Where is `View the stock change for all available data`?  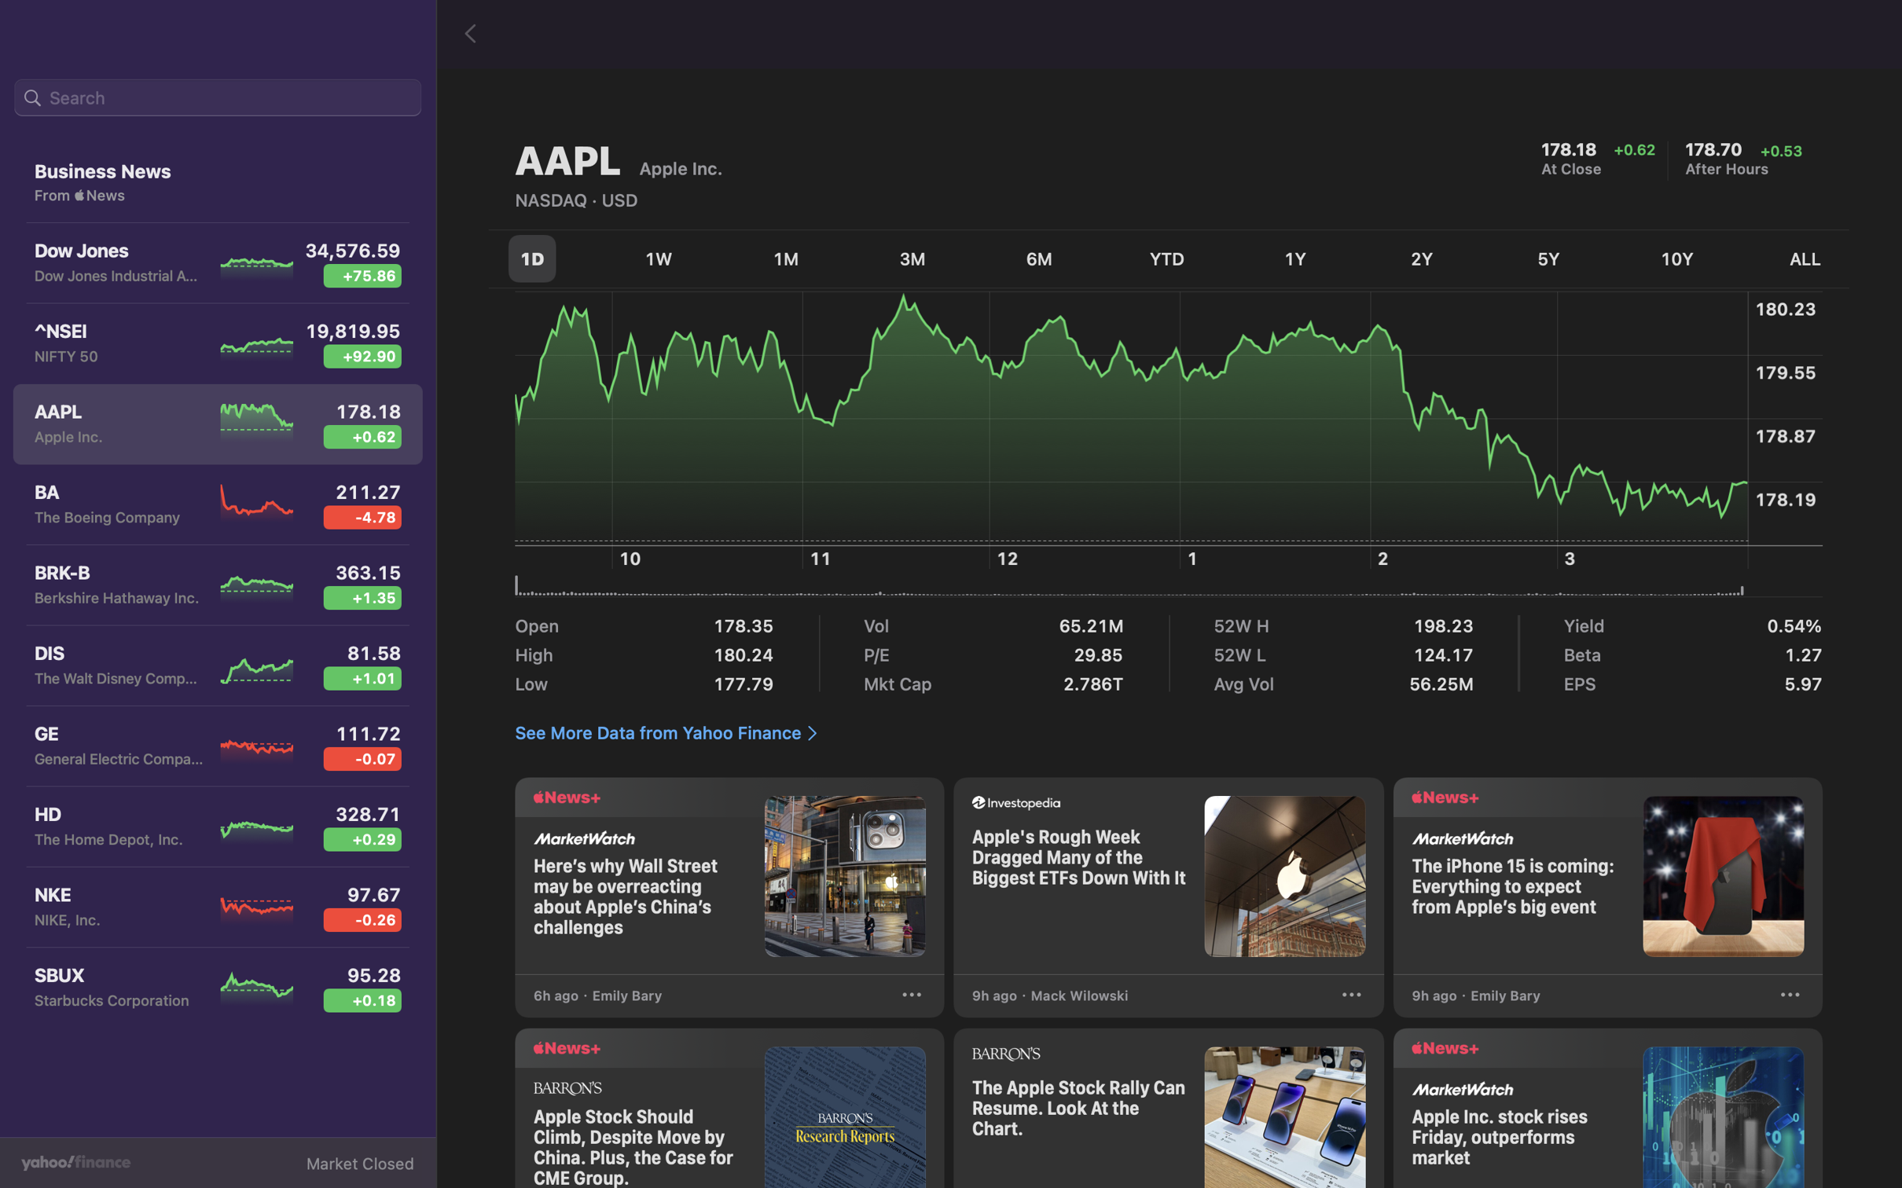 View the stock change for all available data is located at coordinates (1794, 260).